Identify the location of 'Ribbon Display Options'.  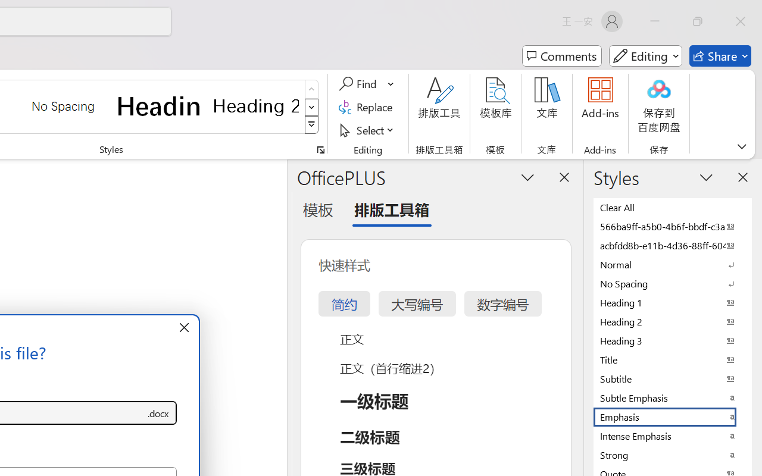
(741, 146).